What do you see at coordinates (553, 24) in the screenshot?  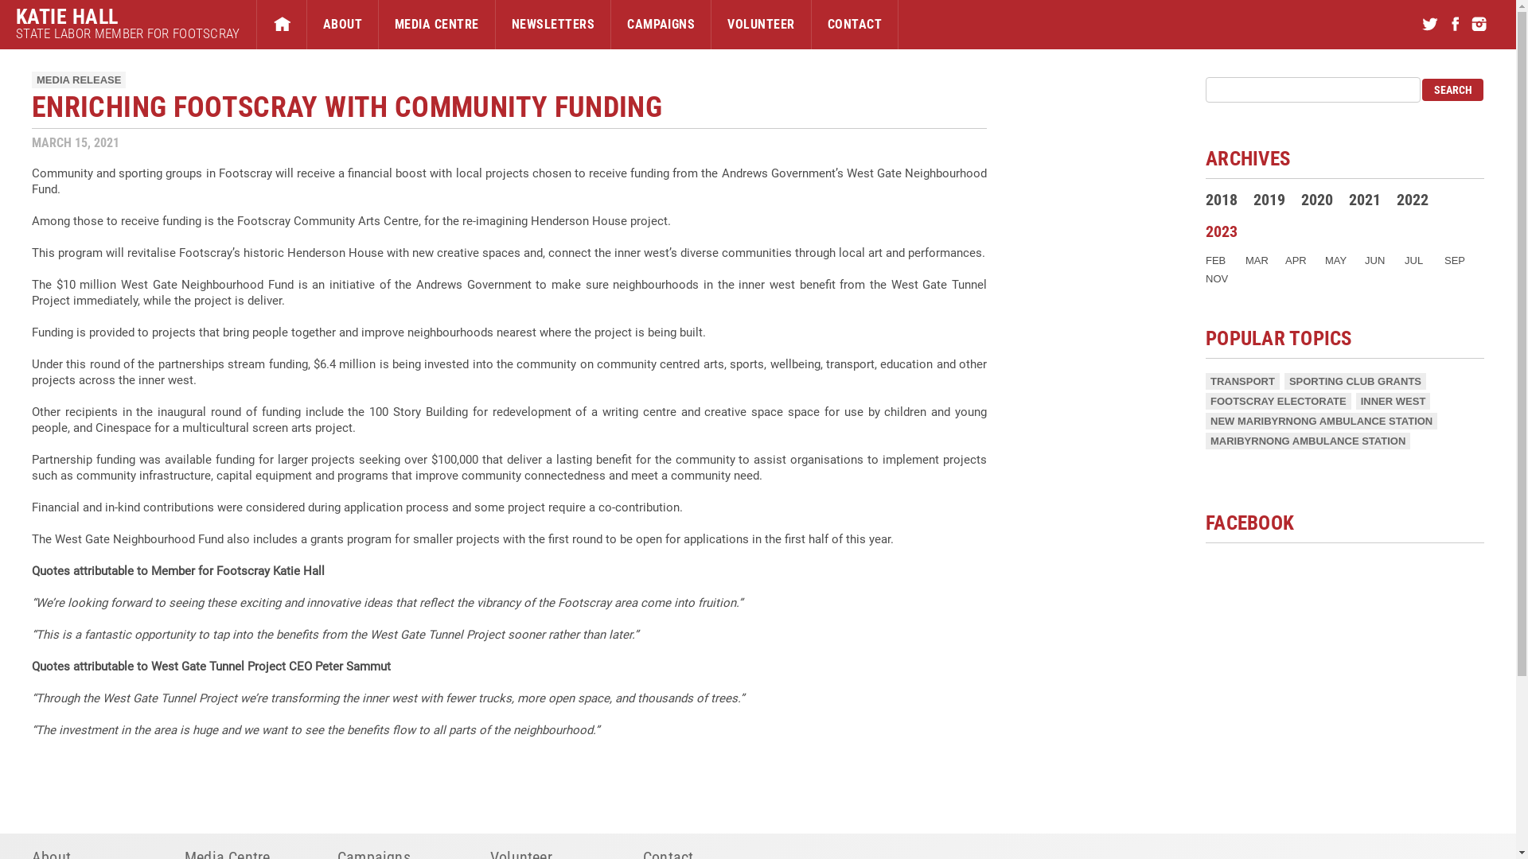 I see `'NEWSLETTERS'` at bounding box center [553, 24].